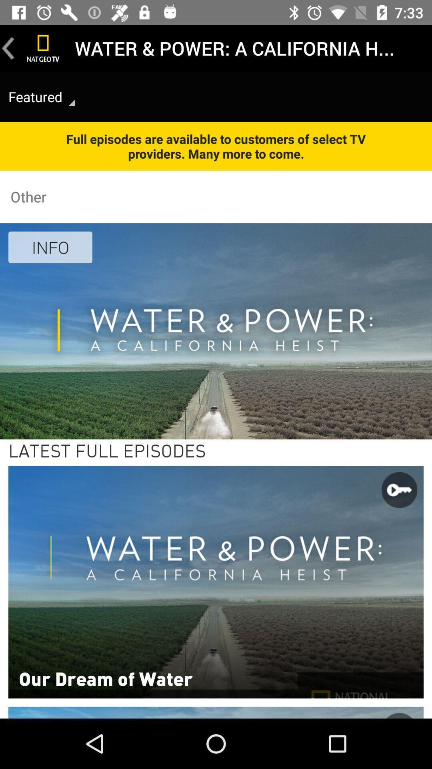 The width and height of the screenshot is (432, 769). Describe the element at coordinates (50, 247) in the screenshot. I see `info` at that location.